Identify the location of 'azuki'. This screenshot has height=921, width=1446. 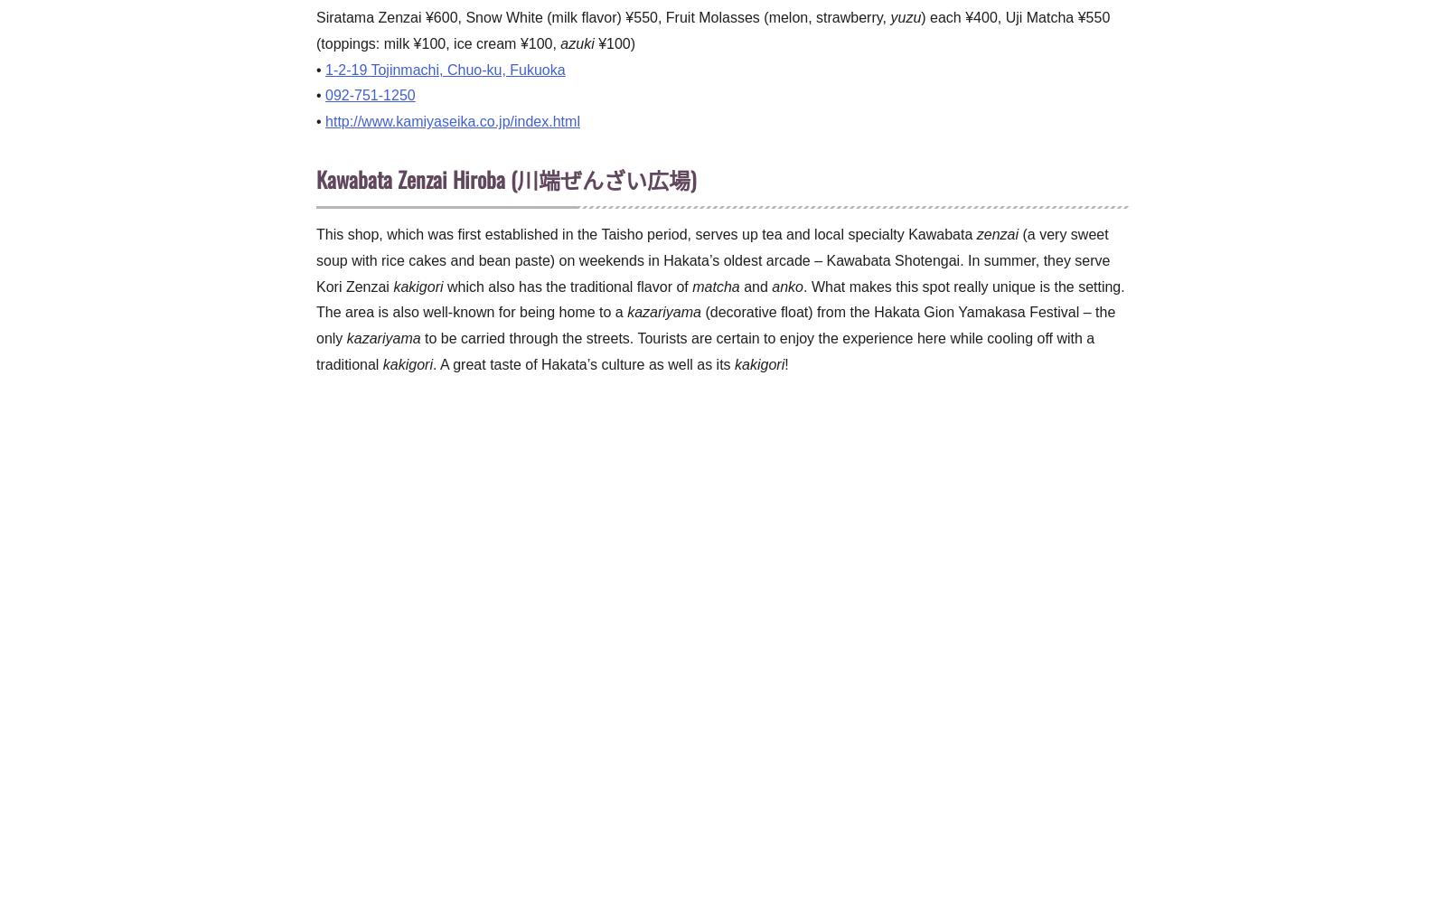
(577, 42).